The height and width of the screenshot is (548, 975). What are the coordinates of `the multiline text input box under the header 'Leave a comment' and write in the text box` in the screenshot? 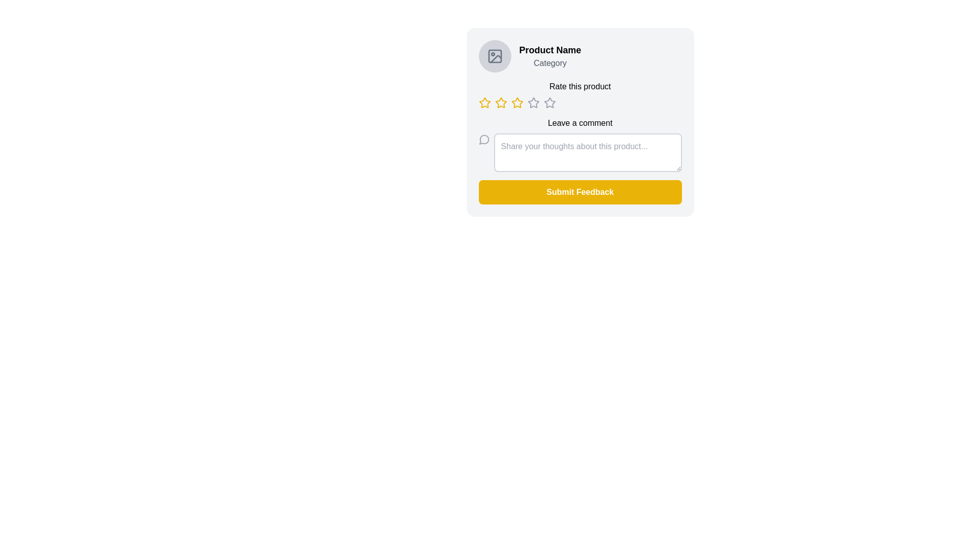 It's located at (580, 145).